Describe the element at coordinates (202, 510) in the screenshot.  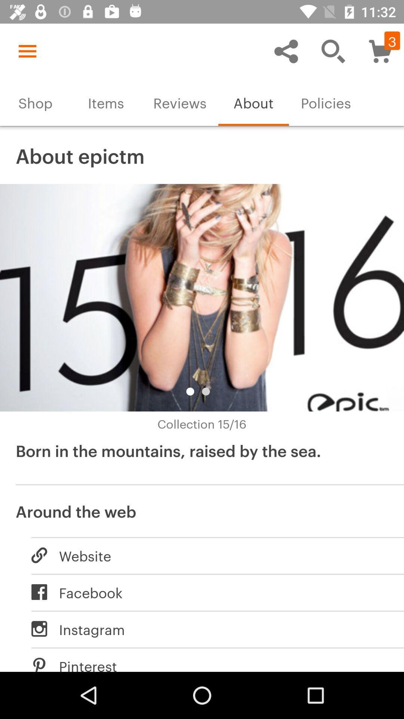
I see `item above the website` at that location.